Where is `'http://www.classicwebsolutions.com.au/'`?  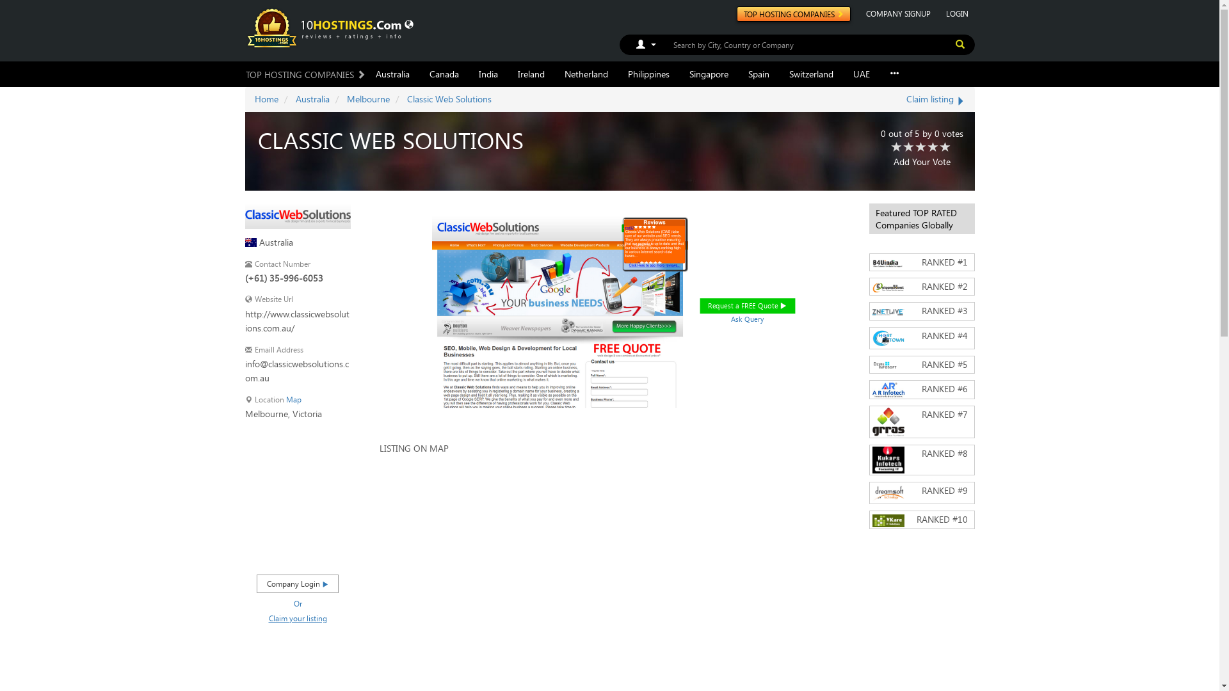 'http://www.classicwebsolutions.com.au/' is located at coordinates (296, 320).